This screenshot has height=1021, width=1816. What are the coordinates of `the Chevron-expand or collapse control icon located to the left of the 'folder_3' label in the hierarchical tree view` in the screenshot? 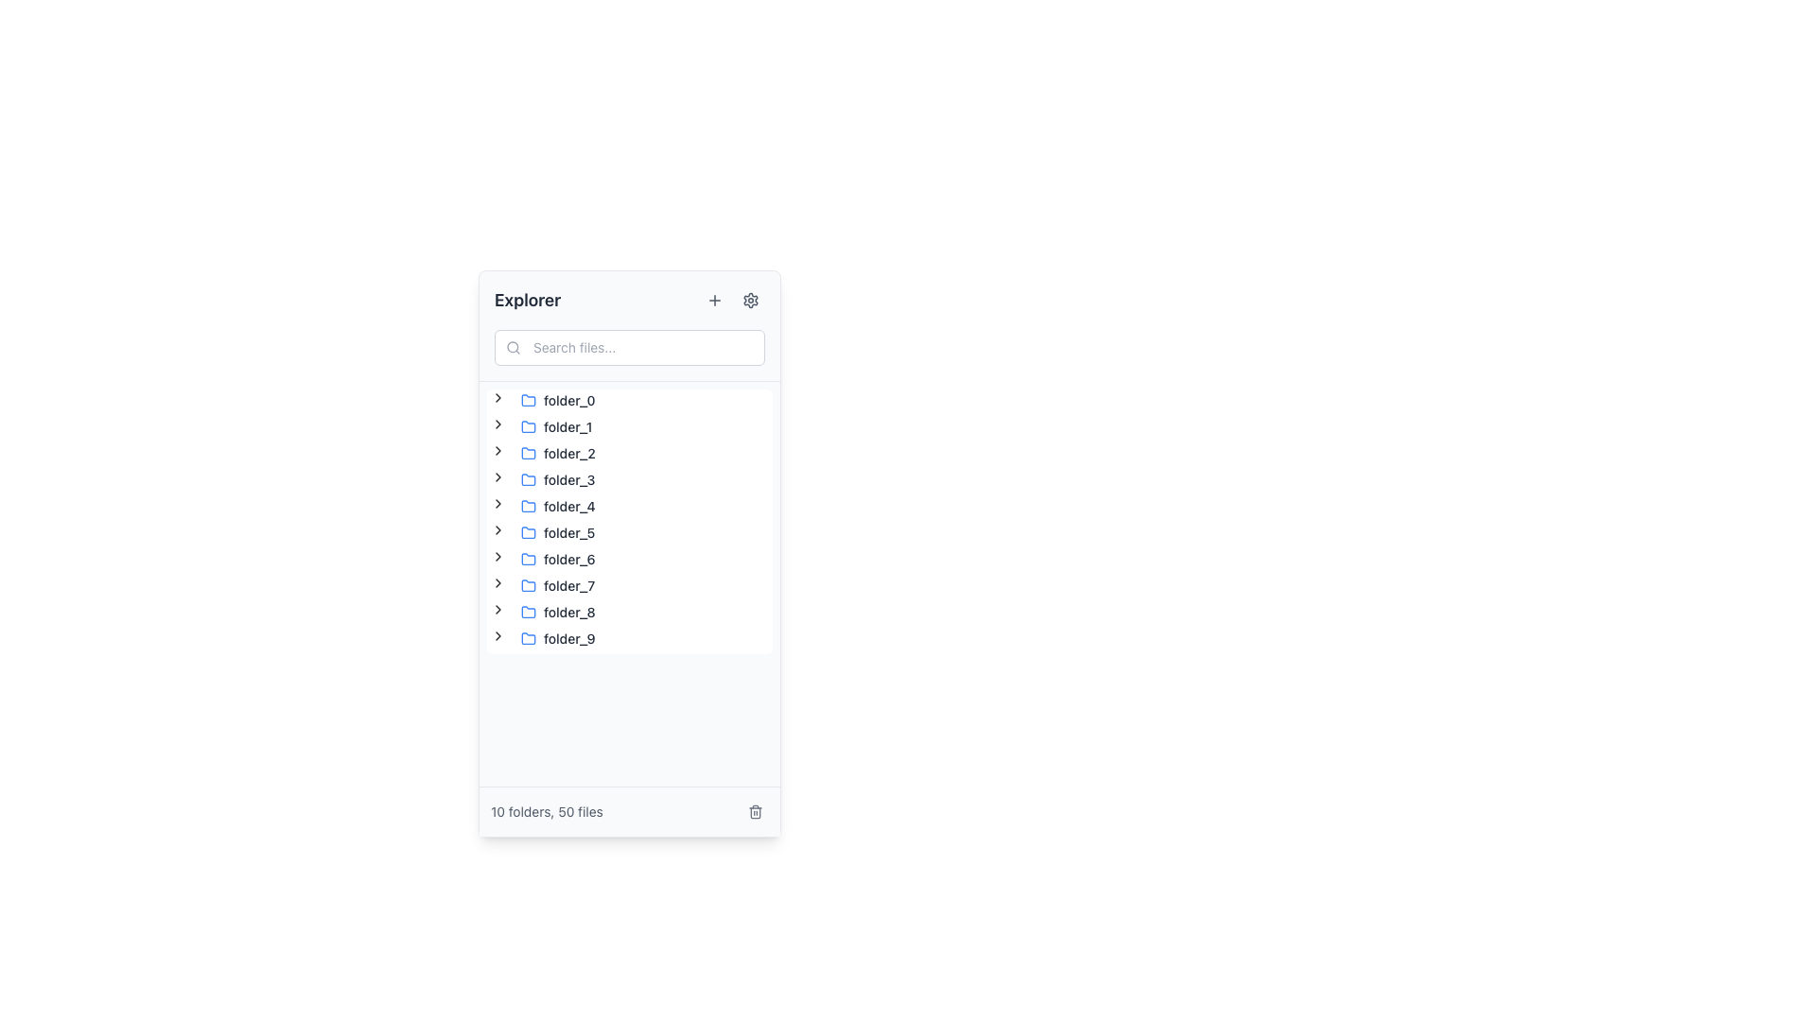 It's located at (498, 476).